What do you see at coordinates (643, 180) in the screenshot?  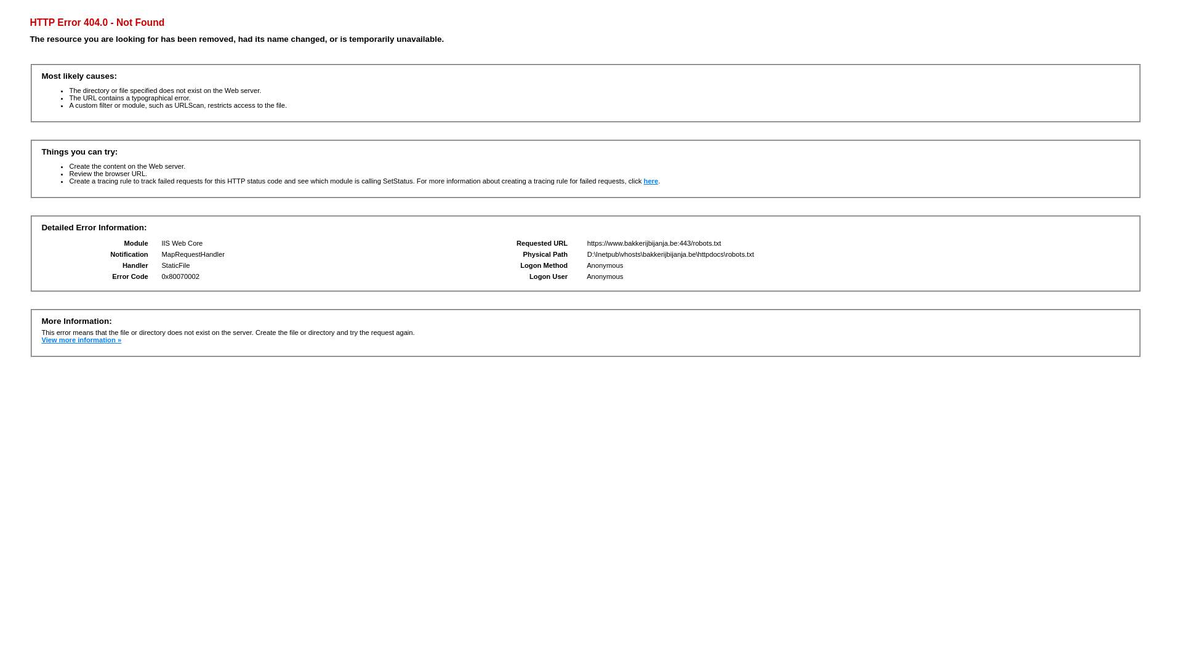 I see `'here'` at bounding box center [643, 180].